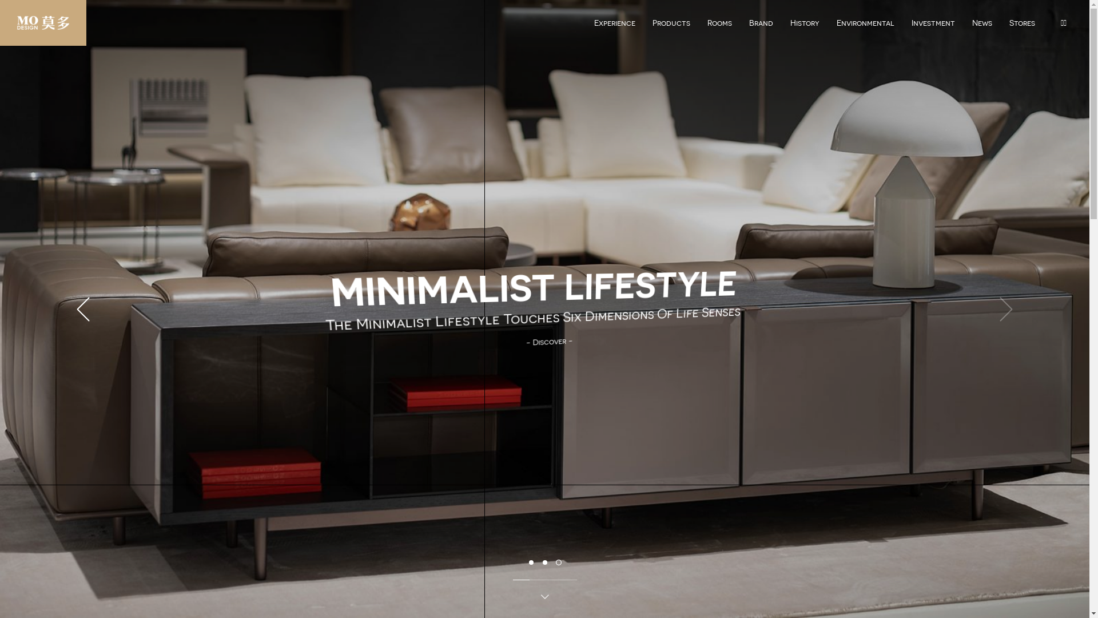 This screenshot has width=1098, height=618. I want to click on 'Experience', so click(614, 19).